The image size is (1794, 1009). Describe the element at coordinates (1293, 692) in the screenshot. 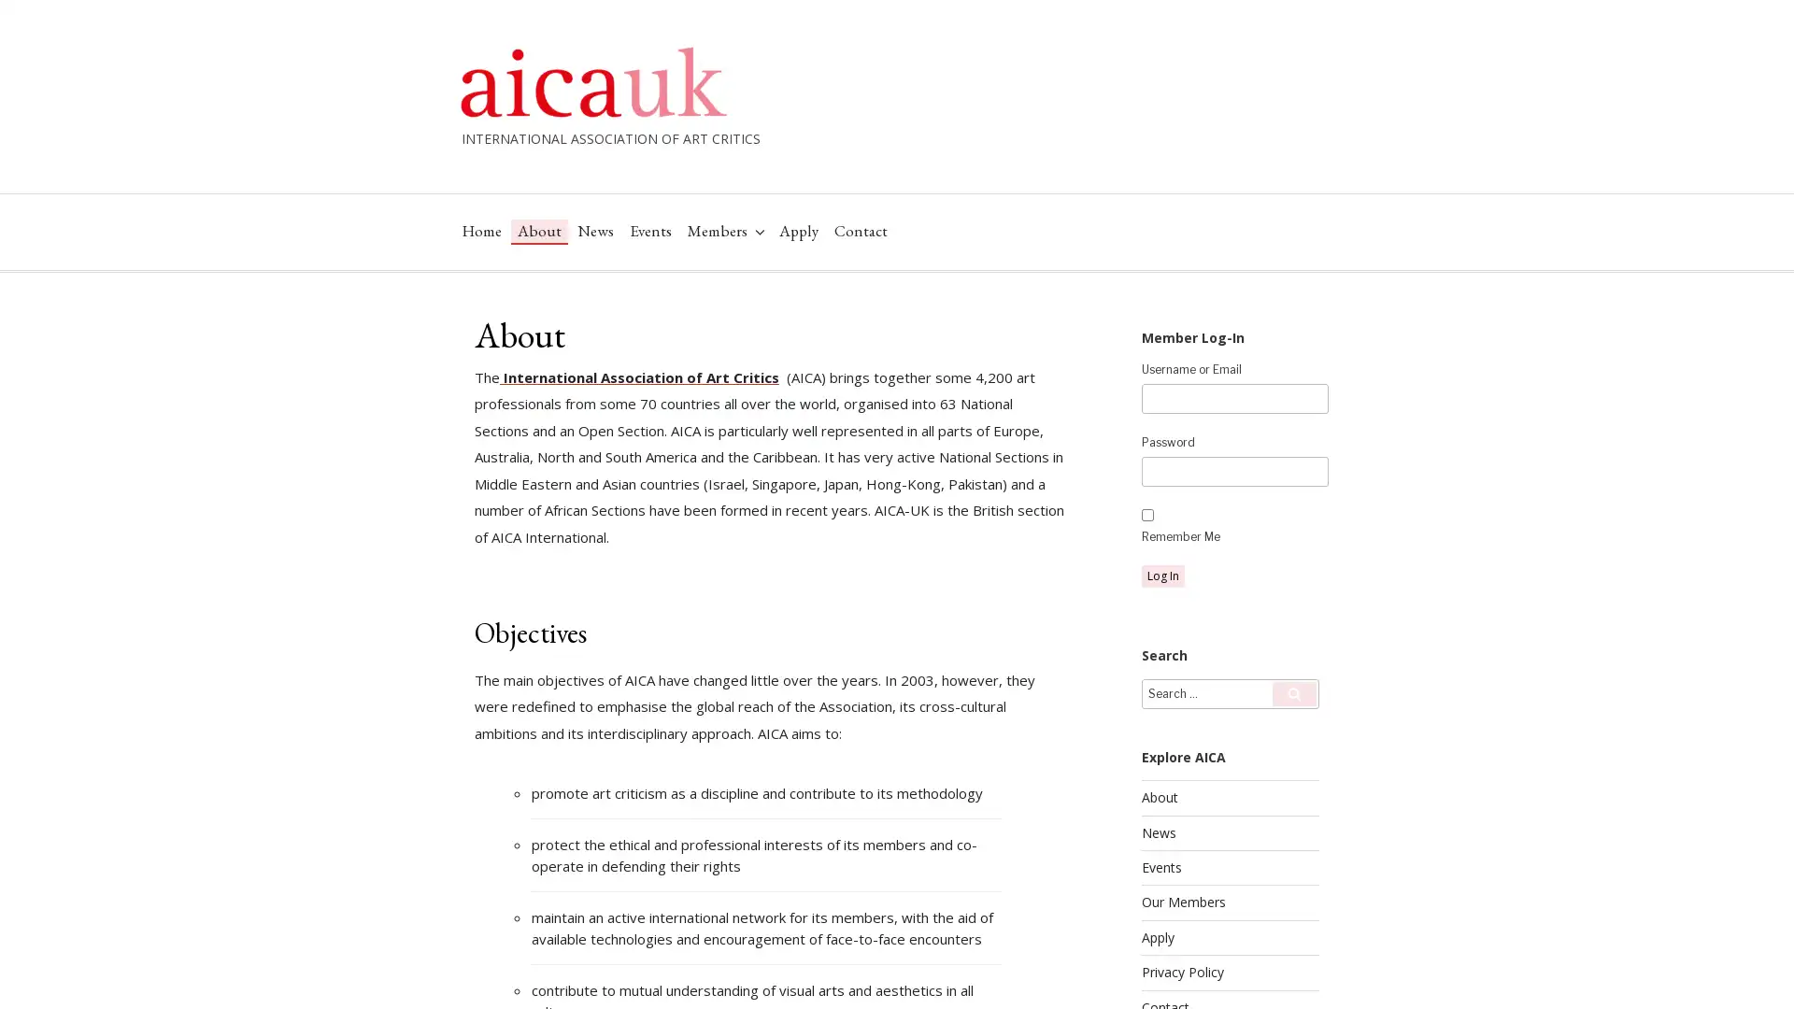

I see `Search` at that location.